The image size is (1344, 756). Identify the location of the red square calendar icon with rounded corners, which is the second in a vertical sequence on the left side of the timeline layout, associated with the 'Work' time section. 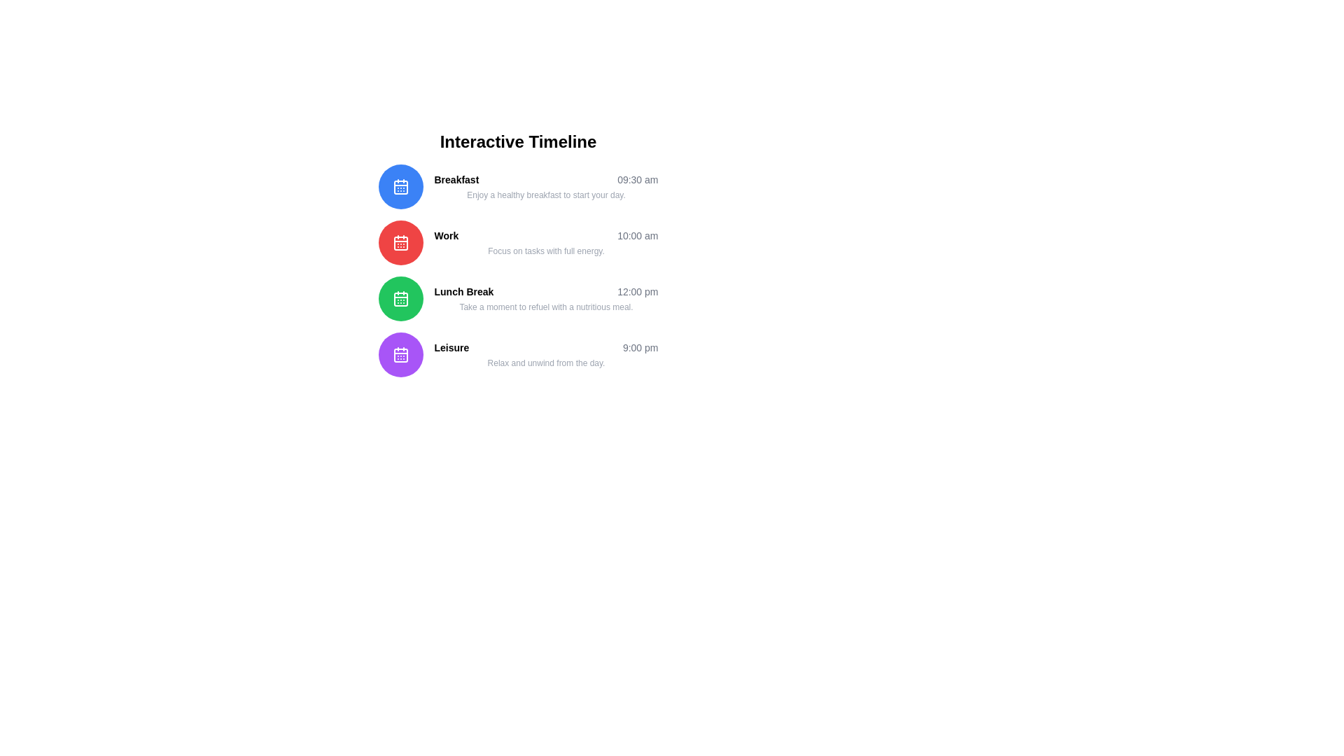
(400, 242).